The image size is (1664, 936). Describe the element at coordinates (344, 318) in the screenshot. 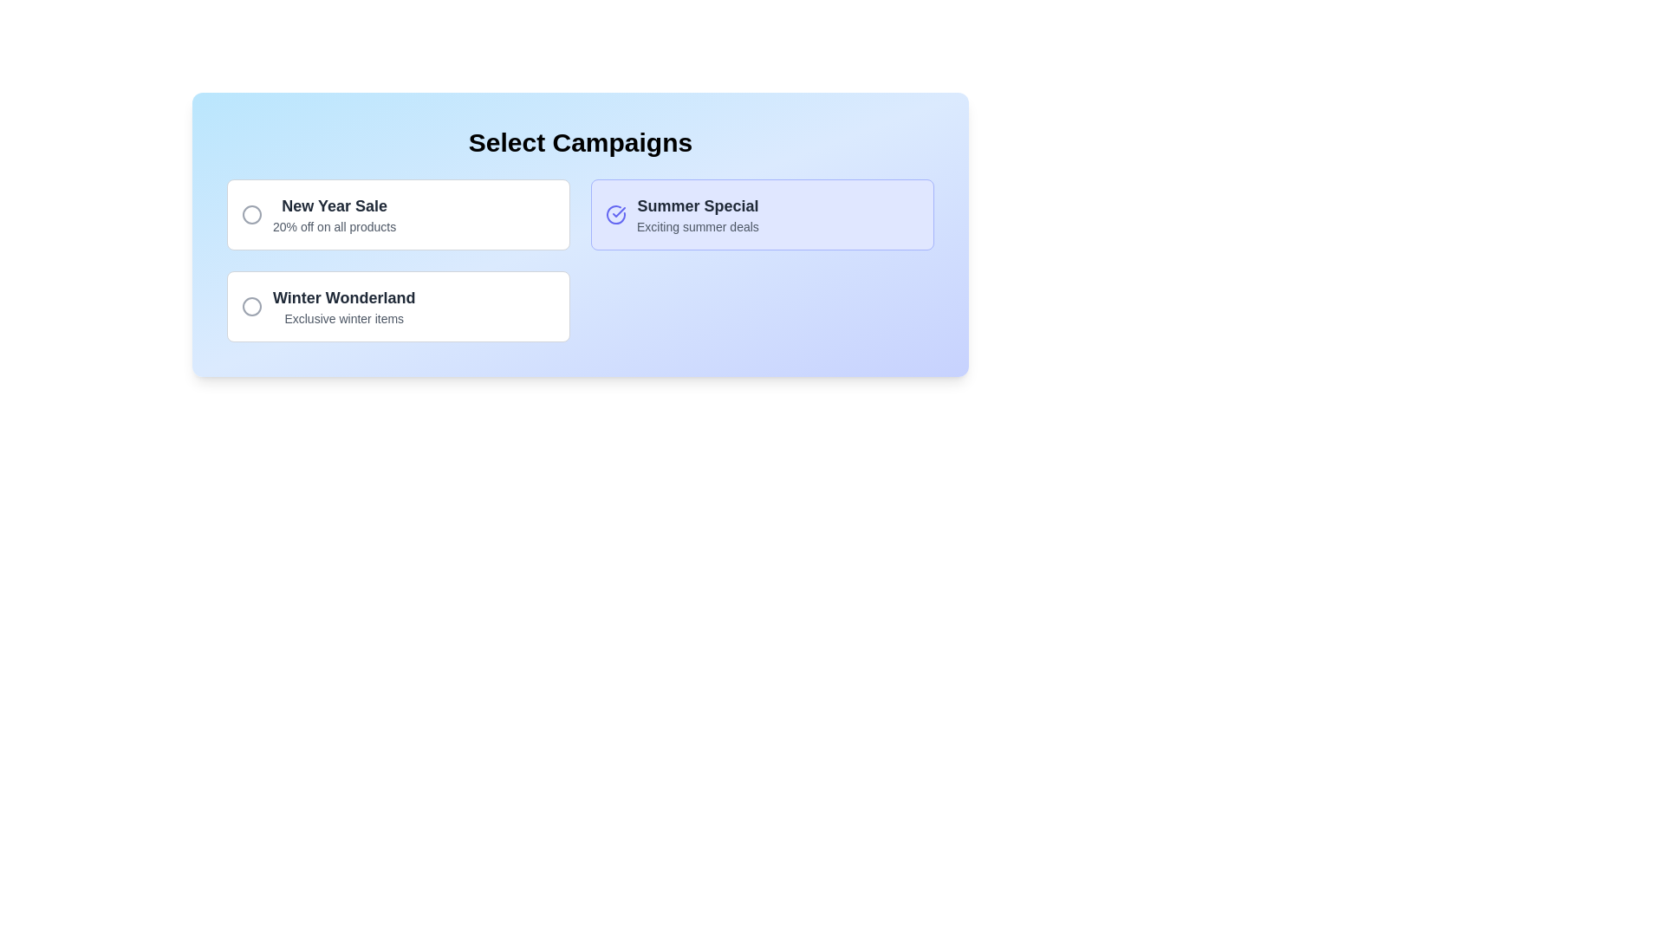

I see `the Text label that provides descriptive information about the 'Winter Wonderland' campaign, which is located below the main title text in the campaign selection interface` at that location.